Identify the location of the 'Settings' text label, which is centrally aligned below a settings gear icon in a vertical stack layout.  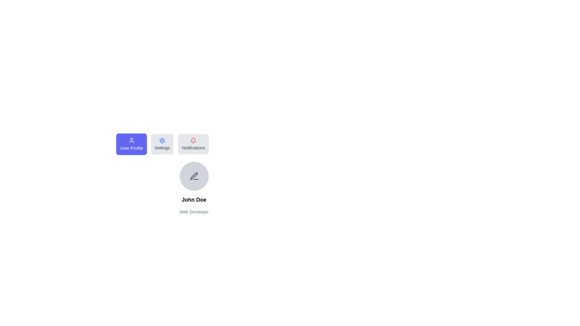
(162, 148).